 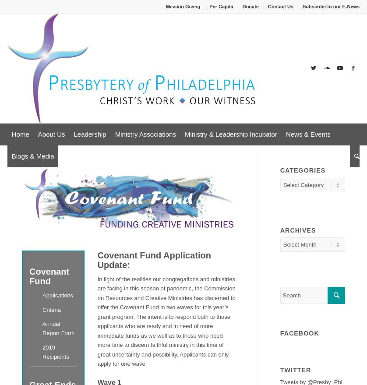 What do you see at coordinates (145, 134) in the screenshot?
I see `'Ministry Associations'` at bounding box center [145, 134].